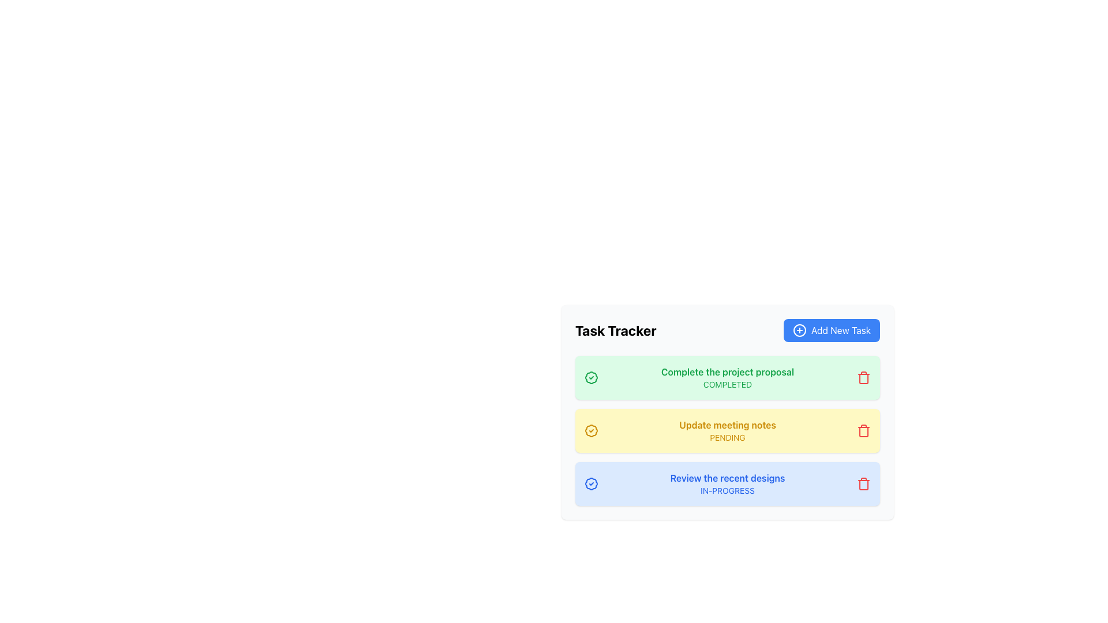 The height and width of the screenshot is (623, 1108). Describe the element at coordinates (799, 331) in the screenshot. I see `the circular 'Add New Task' button icon that features a plus sign, positioned centrally within the button` at that location.